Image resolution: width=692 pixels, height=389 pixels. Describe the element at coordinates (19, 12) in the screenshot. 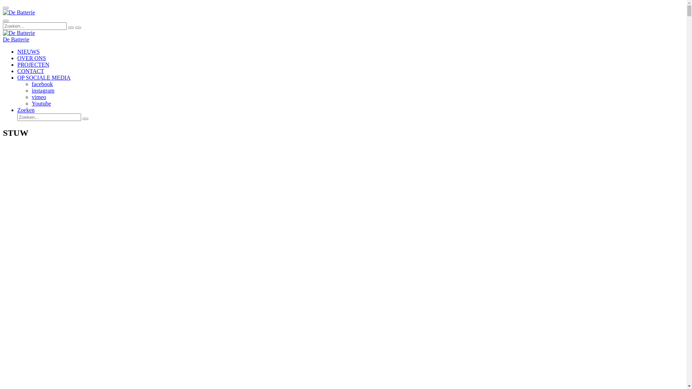

I see `'De Batterie'` at that location.